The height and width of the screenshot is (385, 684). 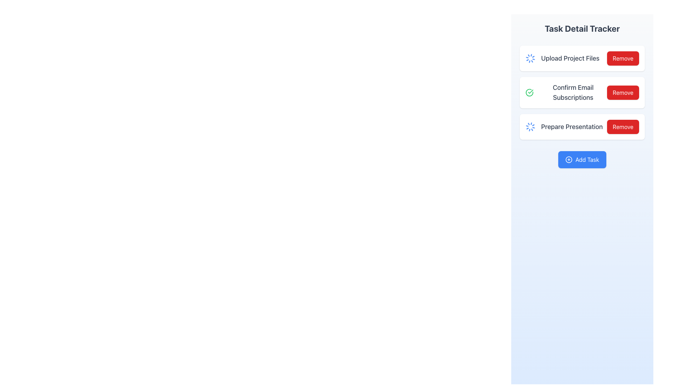 What do you see at coordinates (573, 92) in the screenshot?
I see `the text label indicating the task to confirm email subscriptions, located in the second position among the tasks in the 'Task Detail Tracker' section` at bounding box center [573, 92].